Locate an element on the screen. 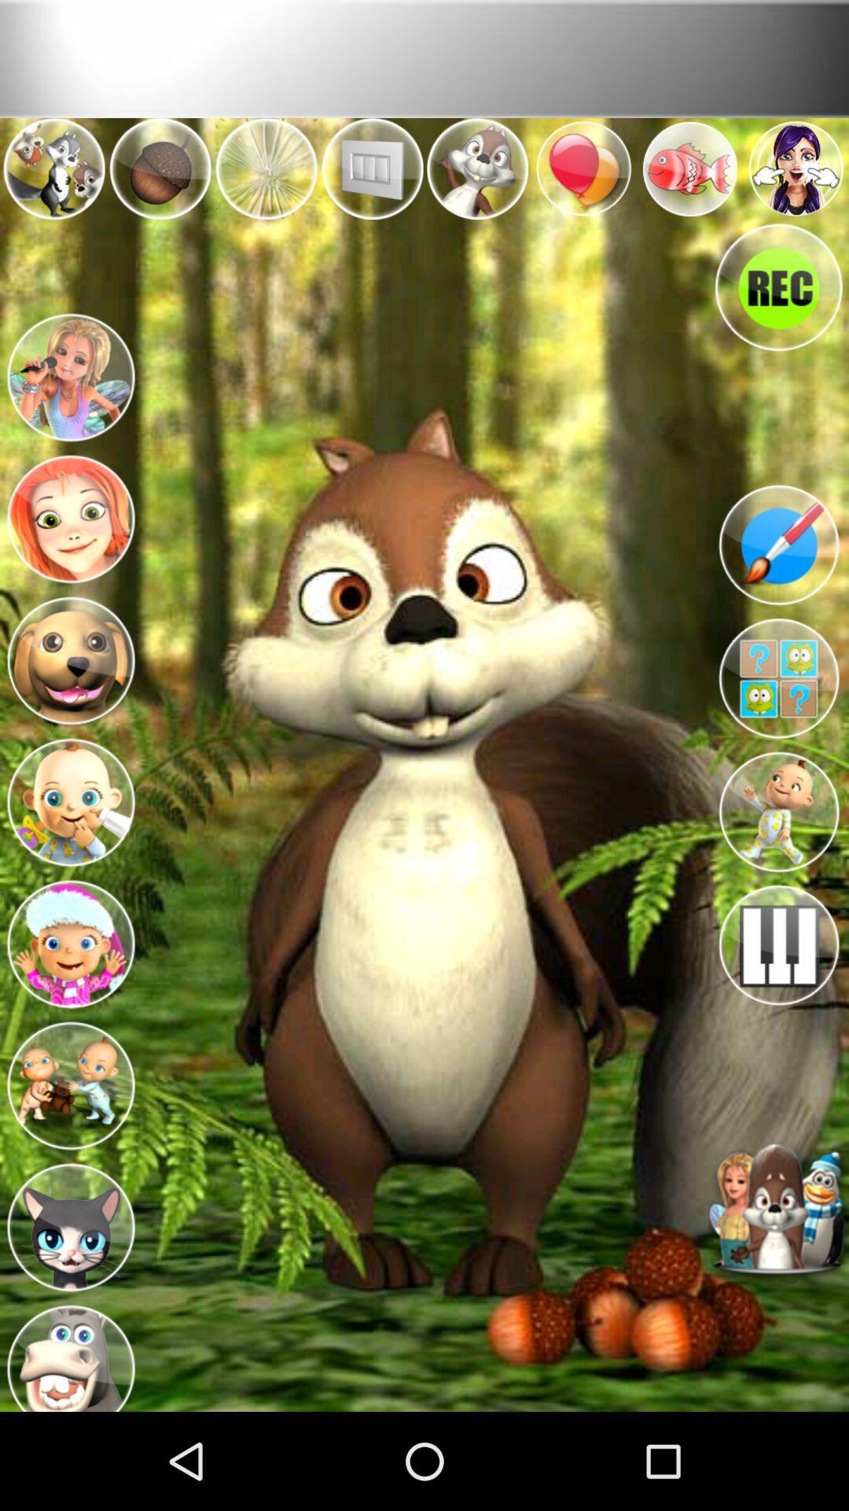  change to dog is located at coordinates (69, 656).